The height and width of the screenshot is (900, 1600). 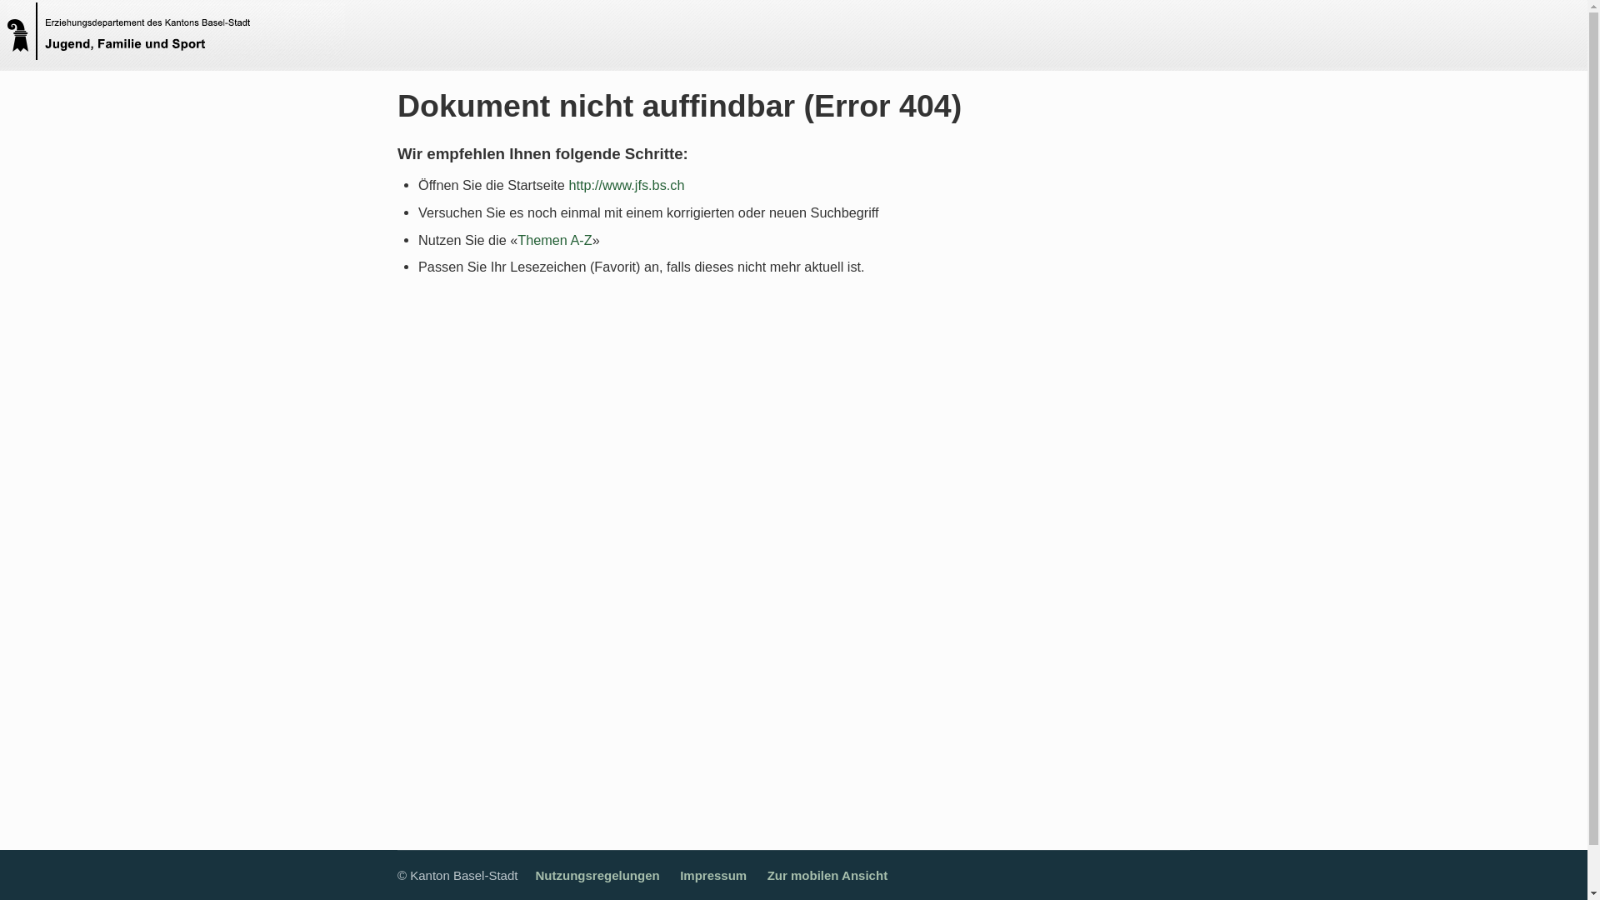 I want to click on 'http://www.jfs.bs.ch', so click(x=625, y=185).